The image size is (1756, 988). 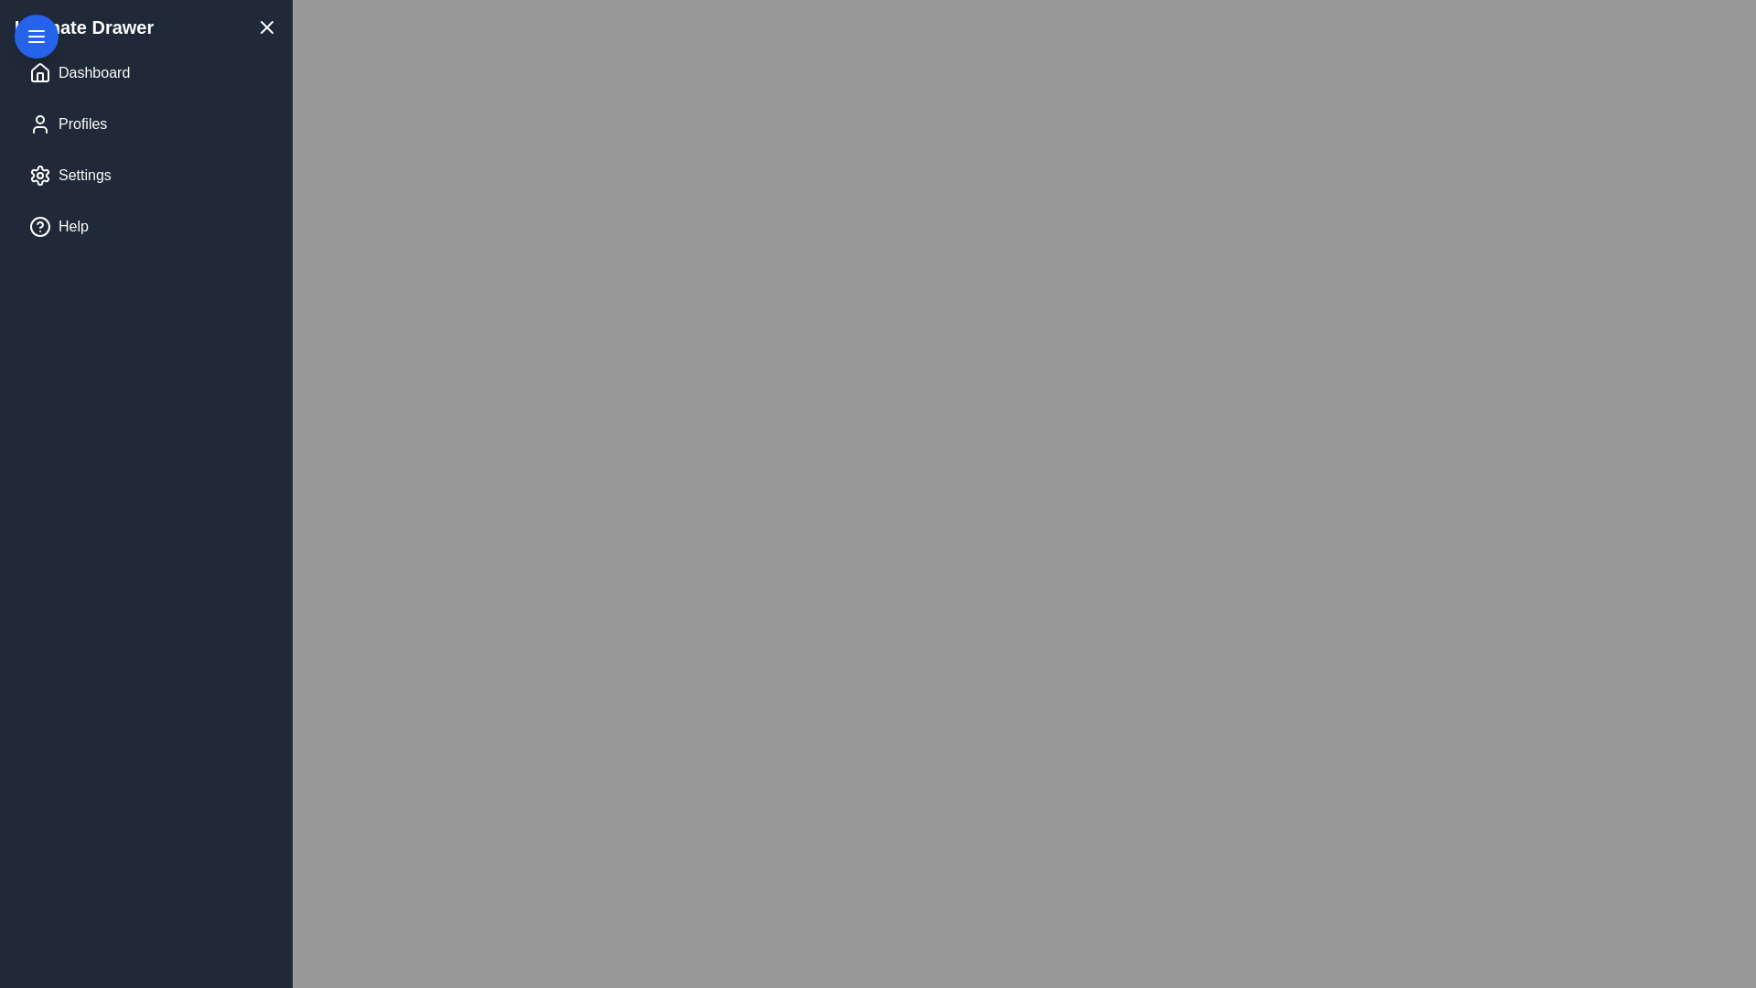 I want to click on the 'Dashboard' icon located in the left side navigation bar, so click(x=39, y=72).